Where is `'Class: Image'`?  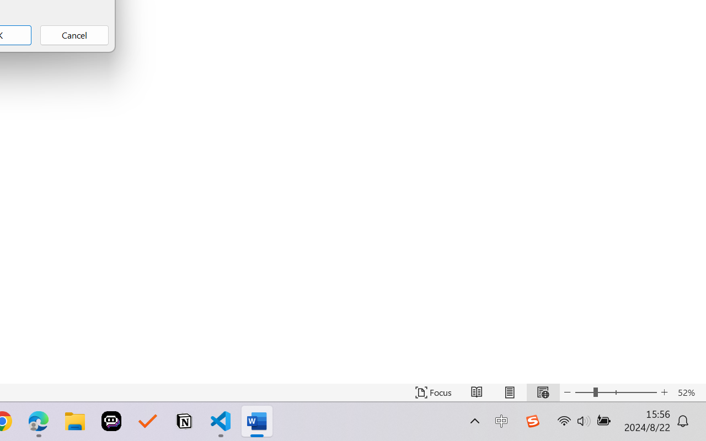 'Class: Image' is located at coordinates (532, 421).